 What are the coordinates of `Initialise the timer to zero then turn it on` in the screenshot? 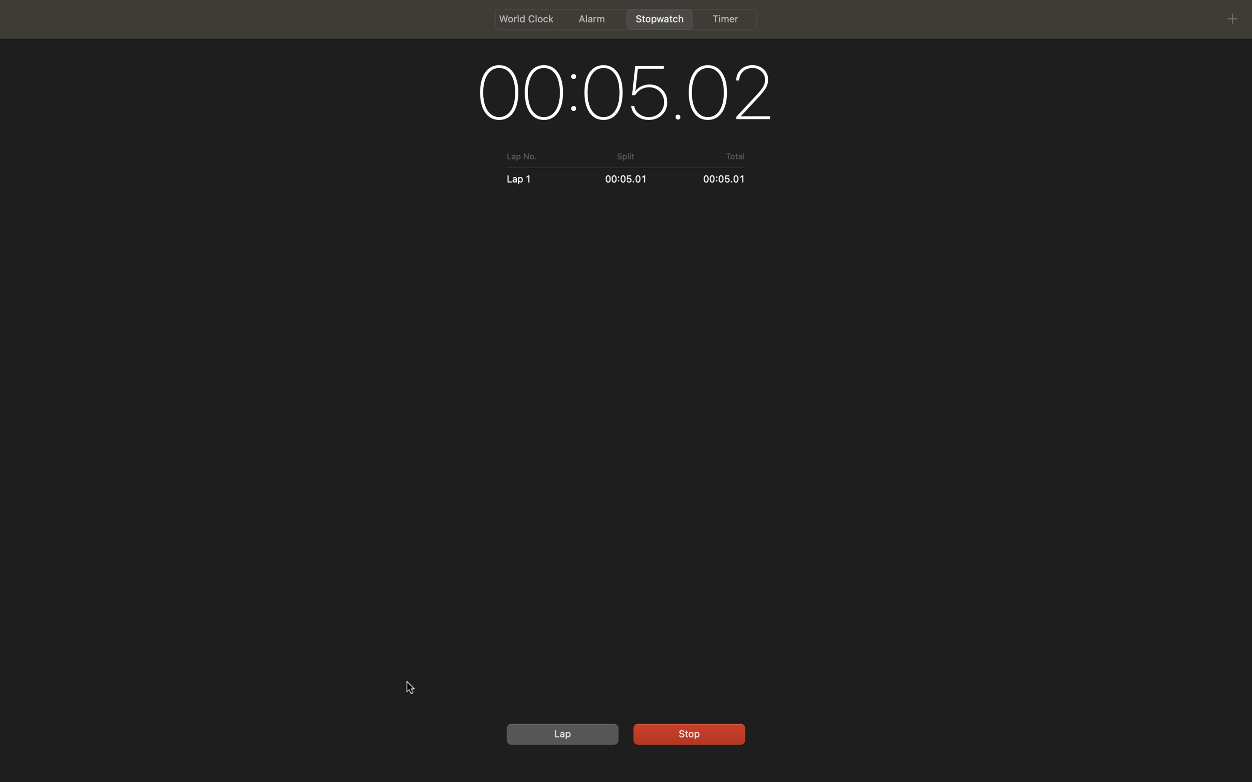 It's located at (560, 733).